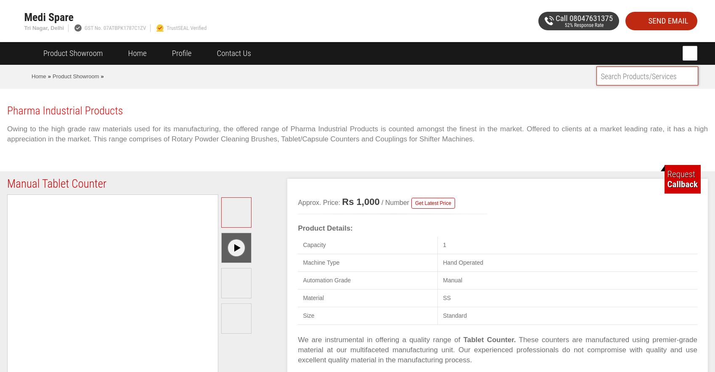  Describe the element at coordinates (7, 134) in the screenshot. I see `'Owing to the high grade raw materials used for its manufacturing, the offered range of Pharma Industrial Products is counted amongst the finest in the market. Offered to clients at a market leading rate, it has a high appreciation in the market. This range comprises of Rotary Powder Cleaning Brushes, Tablet/Capsule Counters and Couplings for Shifter Machines.'` at that location.